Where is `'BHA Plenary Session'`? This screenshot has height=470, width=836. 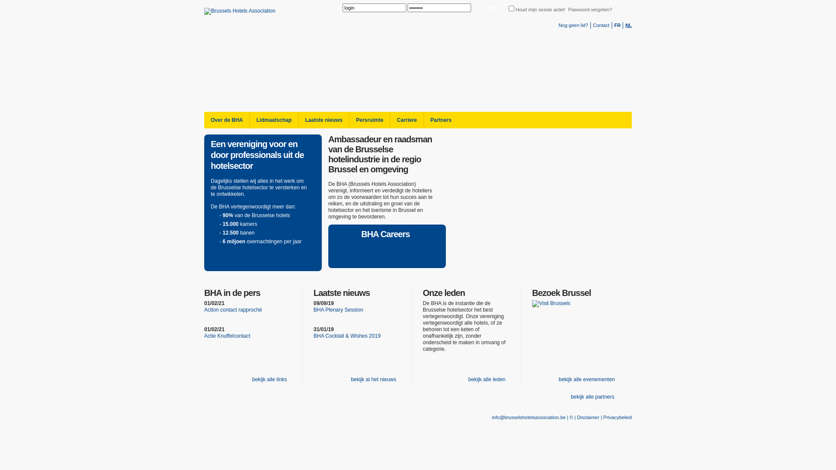 'BHA Plenary Session' is located at coordinates (338, 309).